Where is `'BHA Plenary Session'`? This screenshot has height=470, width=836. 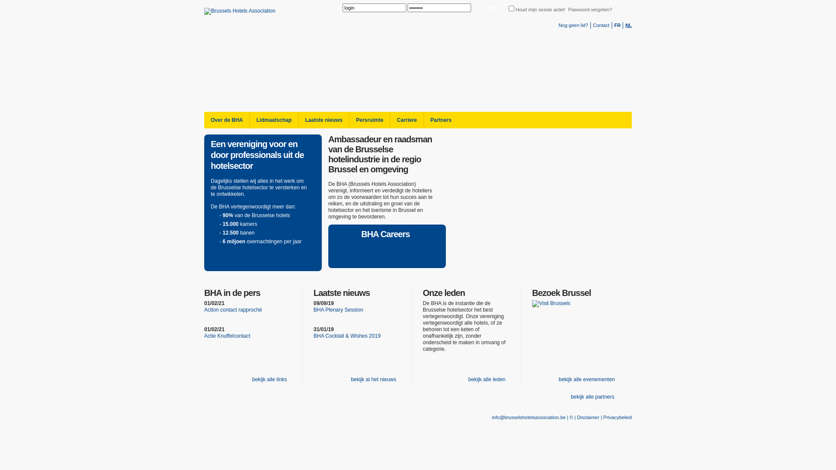 'BHA Plenary Session' is located at coordinates (338, 309).